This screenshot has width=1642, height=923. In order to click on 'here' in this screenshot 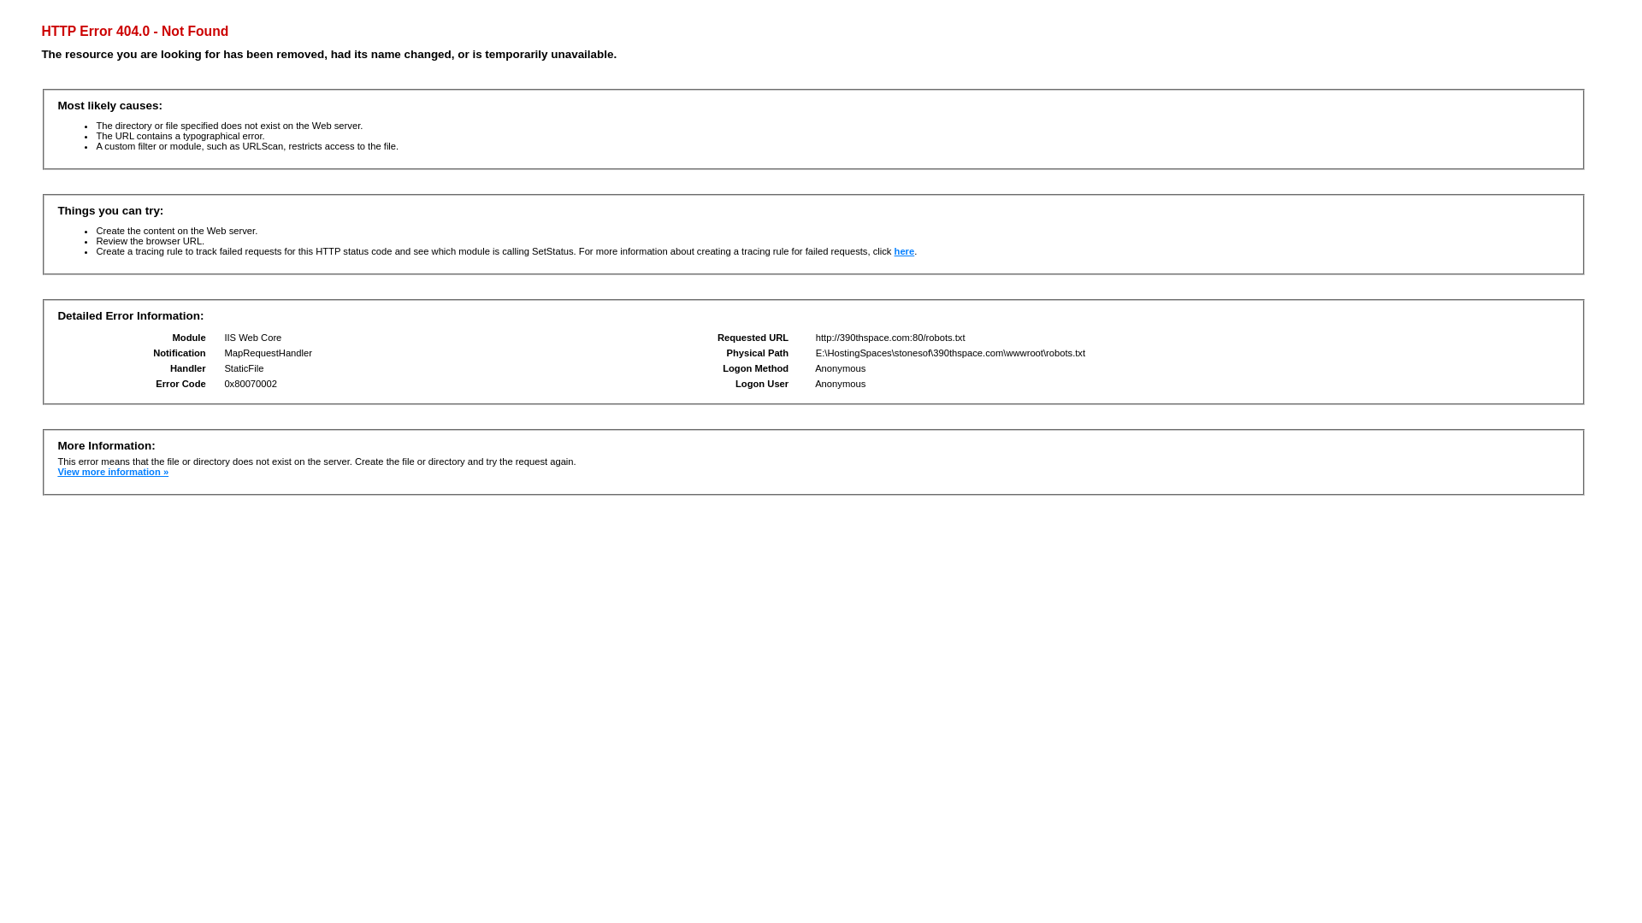, I will do `click(903, 250)`.